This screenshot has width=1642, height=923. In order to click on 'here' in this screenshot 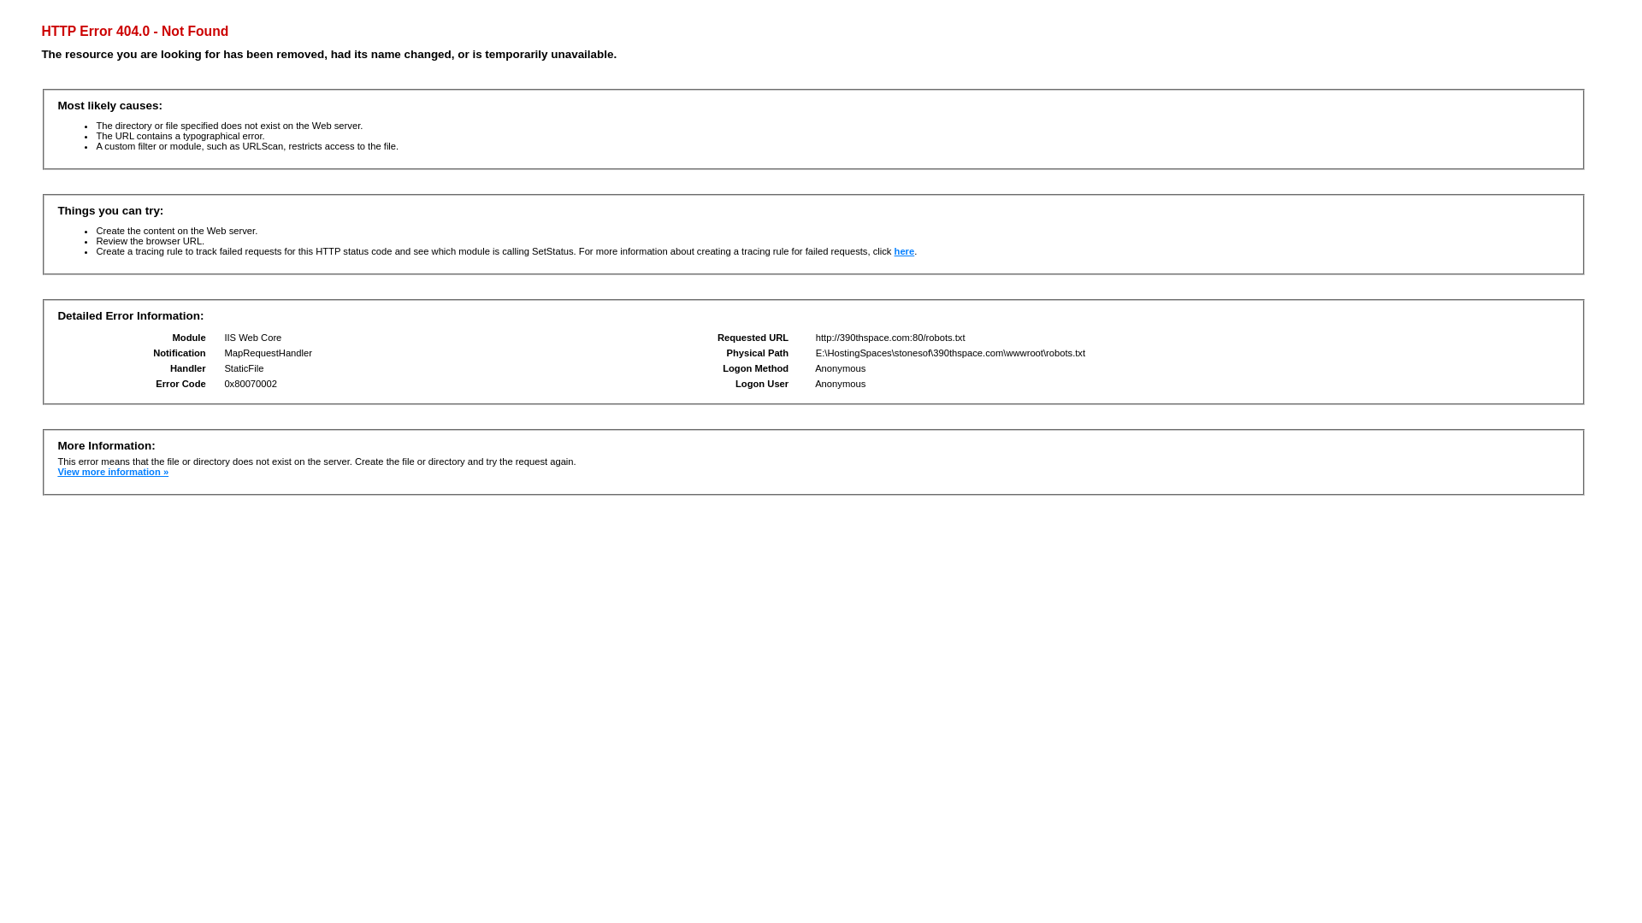, I will do `click(903, 250)`.